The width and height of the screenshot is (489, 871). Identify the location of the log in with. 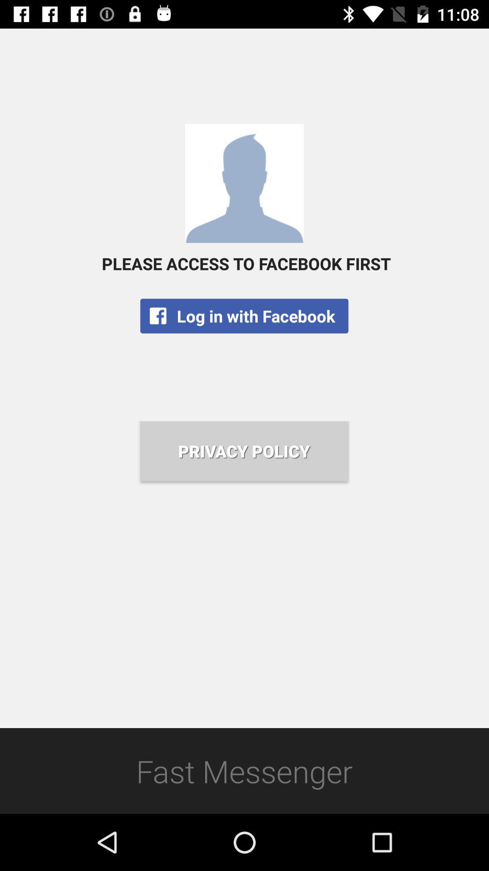
(244, 316).